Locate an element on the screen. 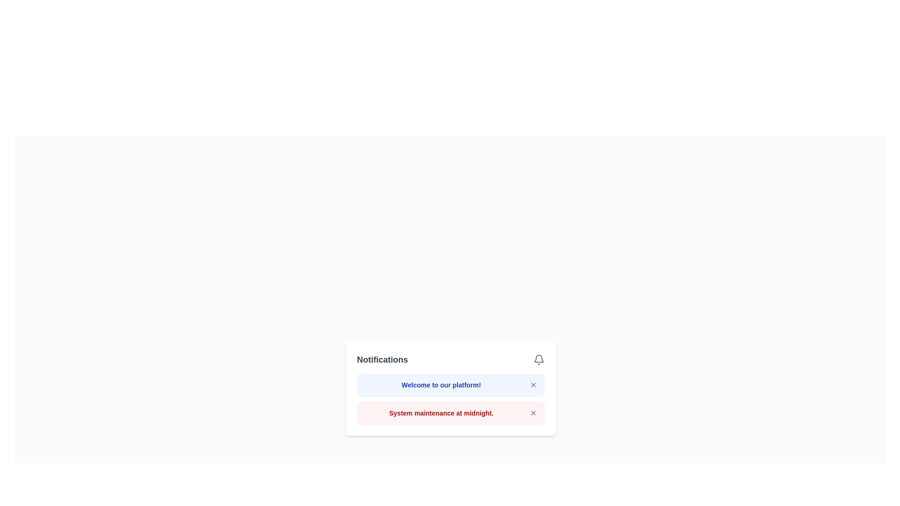 The image size is (900, 506). the minimalist gray 'X' close button located in the notification box at the right end of the header is located at coordinates (533, 385).